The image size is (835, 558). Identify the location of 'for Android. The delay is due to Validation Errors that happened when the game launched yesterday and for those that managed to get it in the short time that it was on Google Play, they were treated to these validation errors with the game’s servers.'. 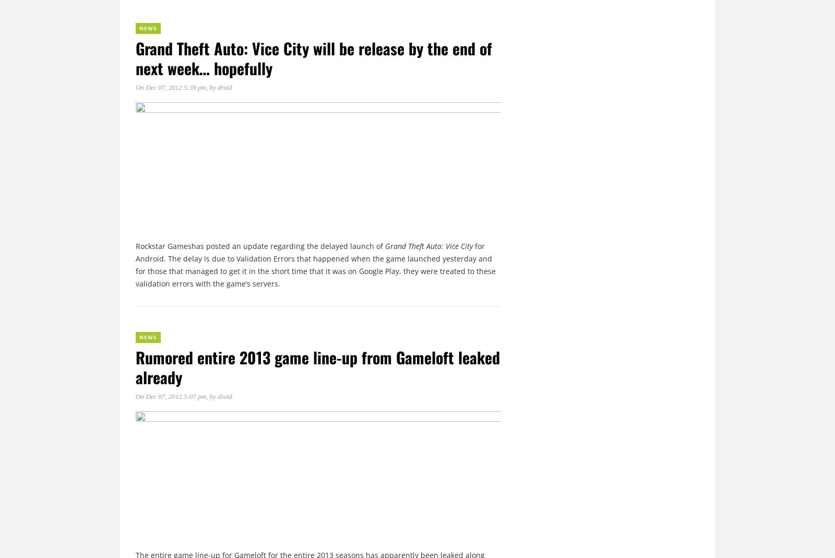
(315, 264).